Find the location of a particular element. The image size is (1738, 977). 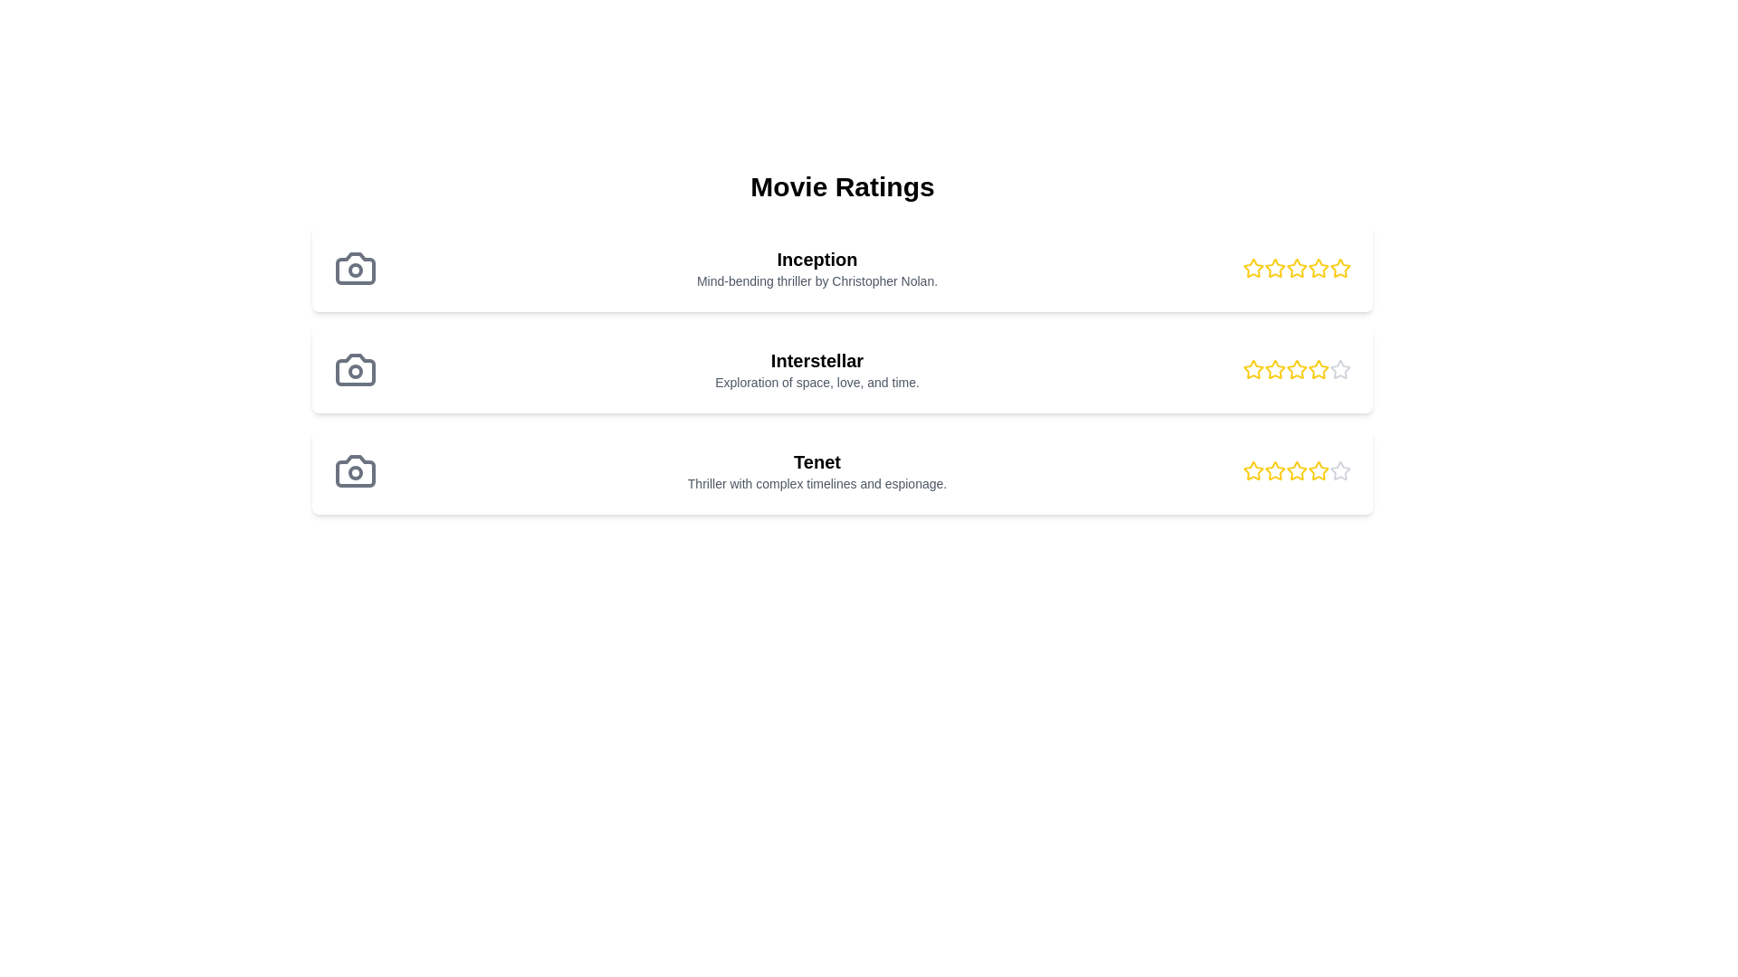

the text block titled 'Interstellar' to emphasize it, which contains the subtitle 'Exploration of space, love, and time.' is located at coordinates (816, 368).